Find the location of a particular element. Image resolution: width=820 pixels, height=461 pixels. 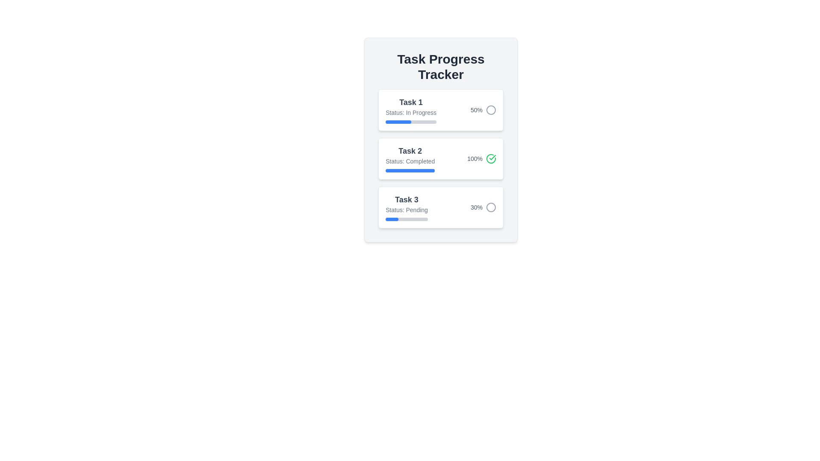

the text label that identifies 'Task 3' within the task progress tracker interface, located at the top of its block is located at coordinates (406, 199).